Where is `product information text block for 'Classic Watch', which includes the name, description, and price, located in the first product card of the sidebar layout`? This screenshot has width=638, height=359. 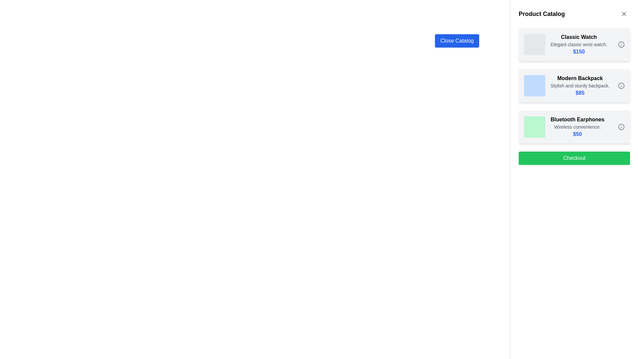
product information text block for 'Classic Watch', which includes the name, description, and price, located in the first product card of the sidebar layout is located at coordinates (579, 45).